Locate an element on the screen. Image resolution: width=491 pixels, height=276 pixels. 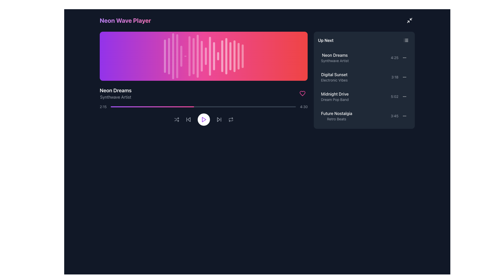
the non-interactive text label that indicates 'Synthwave Artist' beneath the 'Neon Dreams' title is located at coordinates (115, 97).